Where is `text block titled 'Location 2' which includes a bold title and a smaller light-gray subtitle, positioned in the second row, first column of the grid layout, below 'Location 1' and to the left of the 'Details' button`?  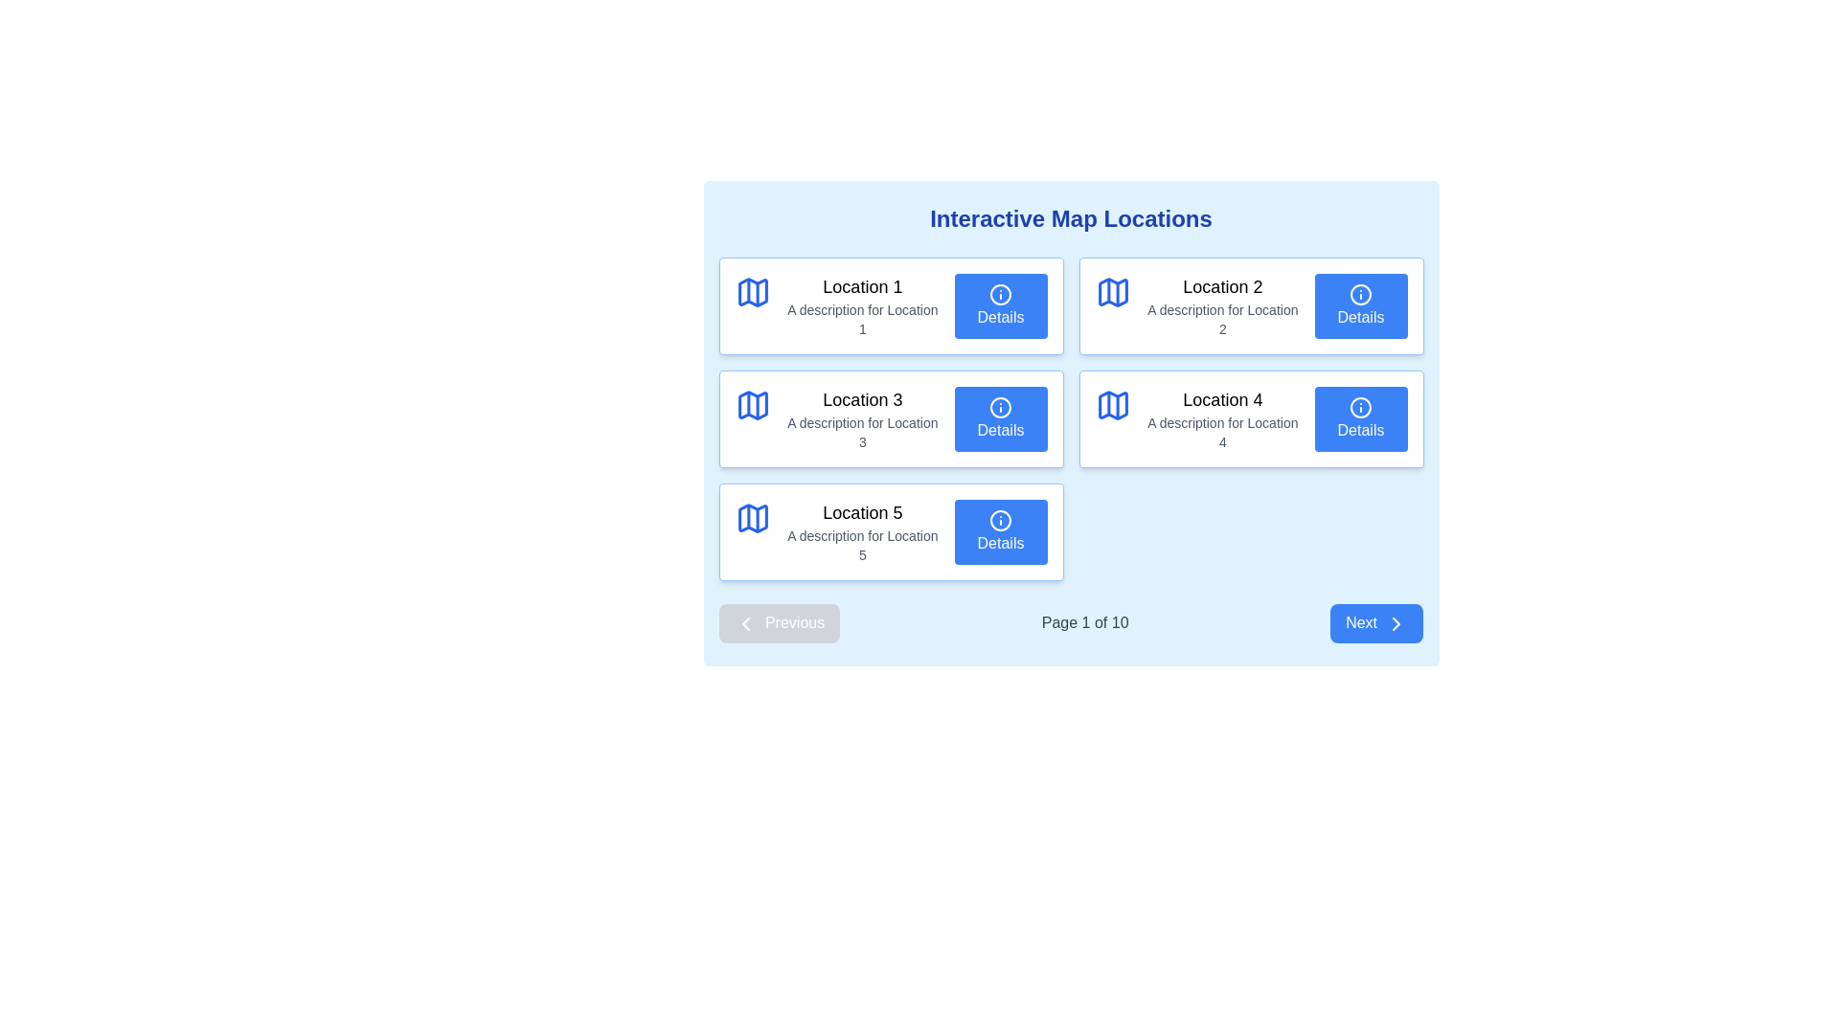
text block titled 'Location 2' which includes a bold title and a smaller light-gray subtitle, positioned in the second row, first column of the grid layout, below 'Location 1' and to the left of the 'Details' button is located at coordinates (1221, 305).